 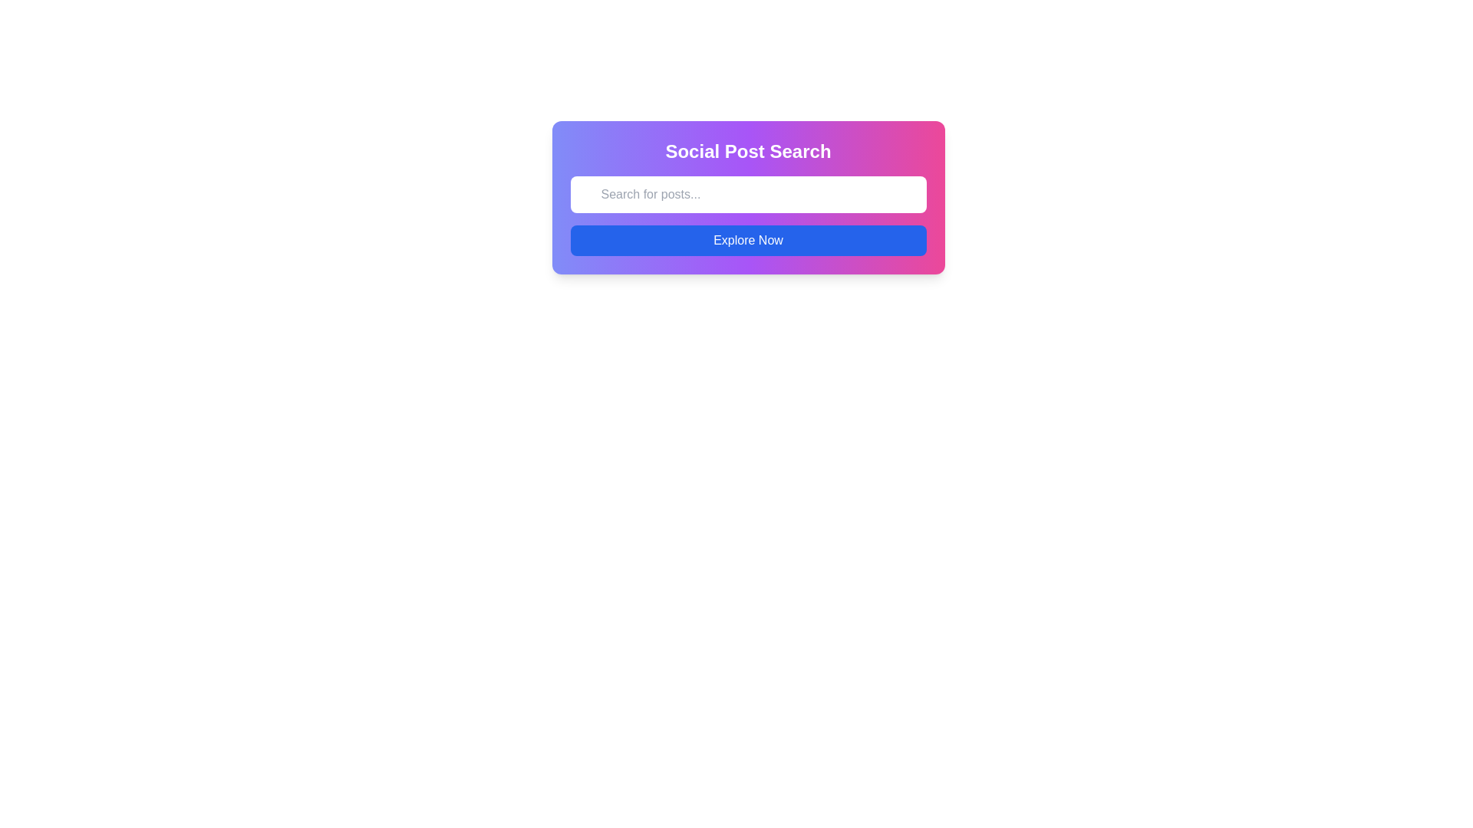 What do you see at coordinates (748, 240) in the screenshot?
I see `the call-to-action button located at the bottom of the gradient background card, directly below the text input and the title 'Social Post Search', to initiate an action` at bounding box center [748, 240].